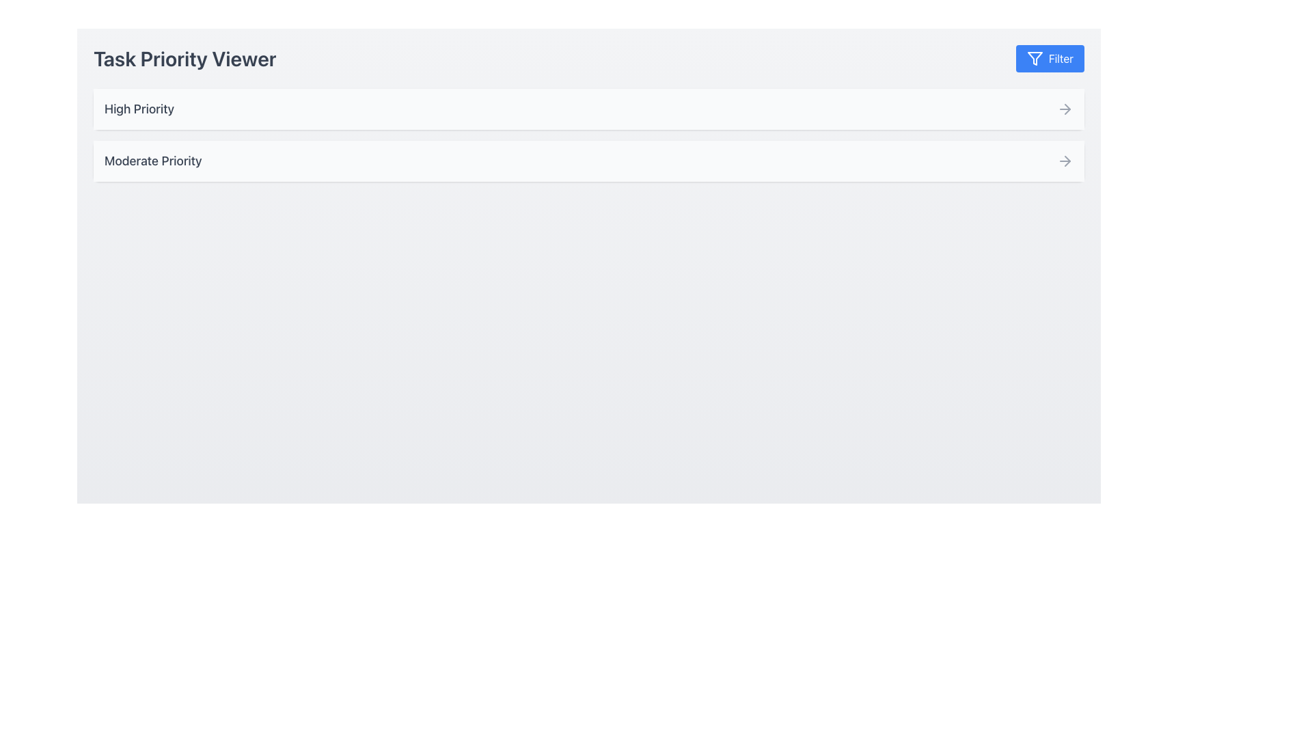 The image size is (1312, 738). Describe the element at coordinates (1065, 108) in the screenshot. I see `the icon indicating 'High Priority' to potentially reveal additional visual feedback` at that location.